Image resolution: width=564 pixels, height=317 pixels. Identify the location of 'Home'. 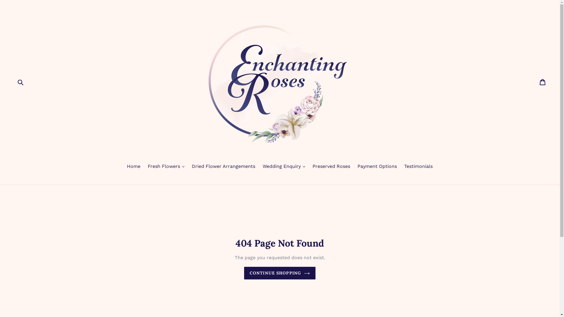
(133, 167).